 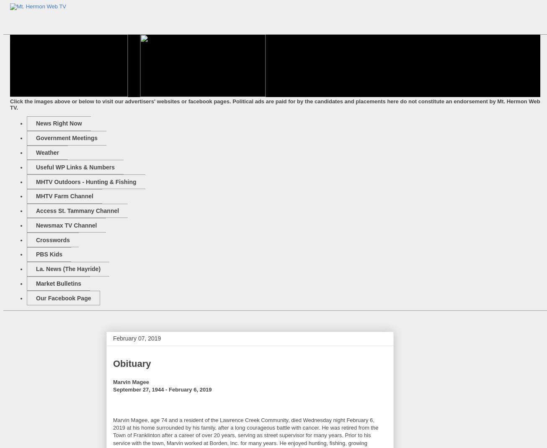 What do you see at coordinates (85, 181) in the screenshot?
I see `'MHTV Outdoors - Hunting & Fishing'` at bounding box center [85, 181].